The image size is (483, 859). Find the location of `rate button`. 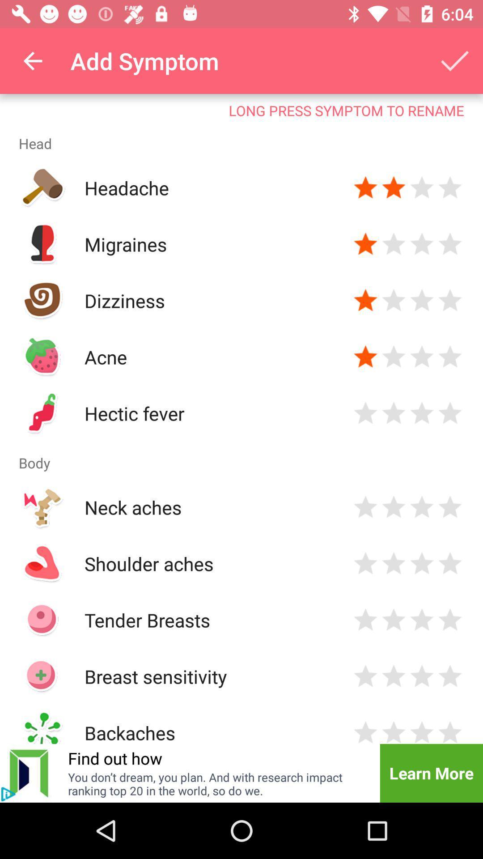

rate button is located at coordinates (450, 413).